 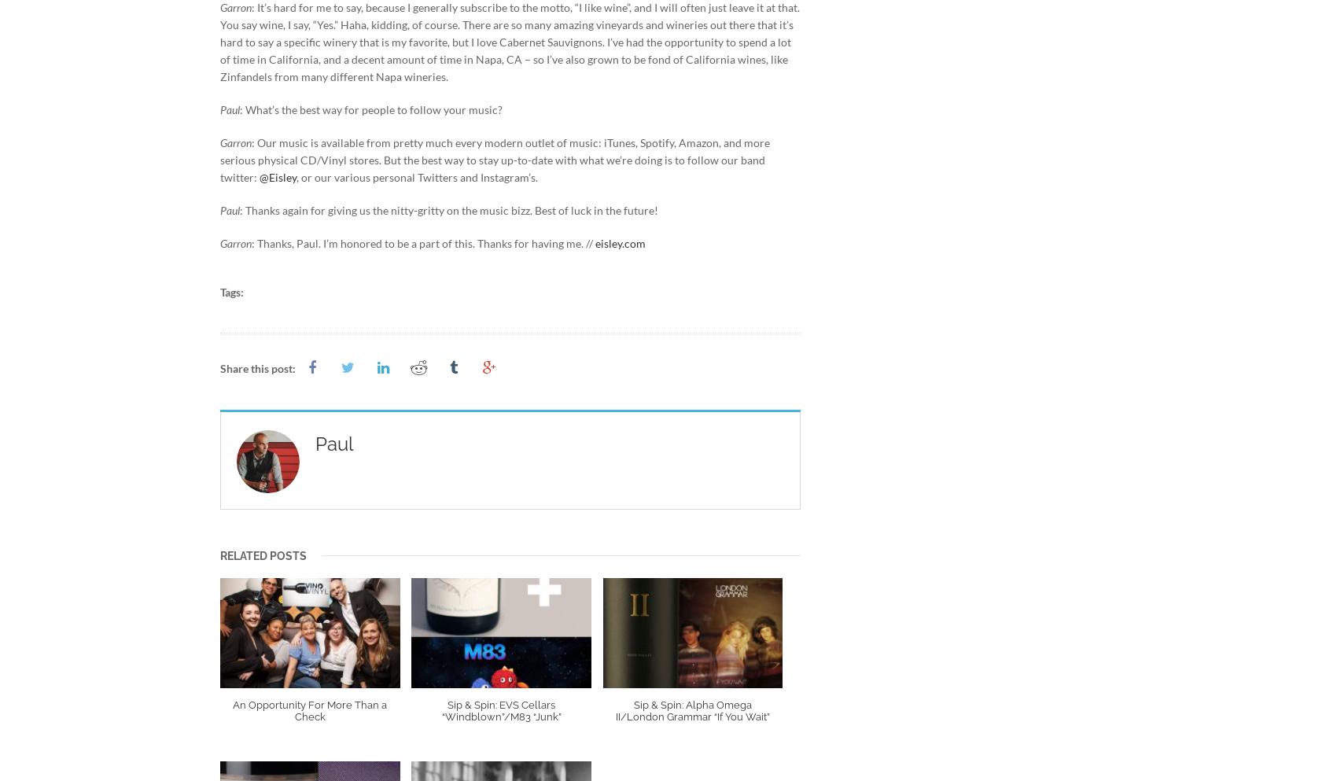 I want to click on ': Our music is available from pretty much every modern outlet of music: iTunes, Spotify, Amazon, and more serious physical CD/Vinyl stores. But the best way to stay up-to-date with what we’re doing is to follow our band twitter:', so click(x=494, y=159).